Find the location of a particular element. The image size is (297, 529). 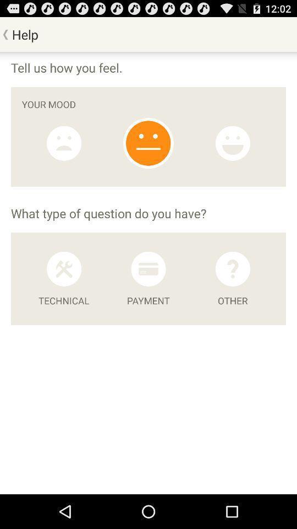

ask technical question is located at coordinates (64, 268).